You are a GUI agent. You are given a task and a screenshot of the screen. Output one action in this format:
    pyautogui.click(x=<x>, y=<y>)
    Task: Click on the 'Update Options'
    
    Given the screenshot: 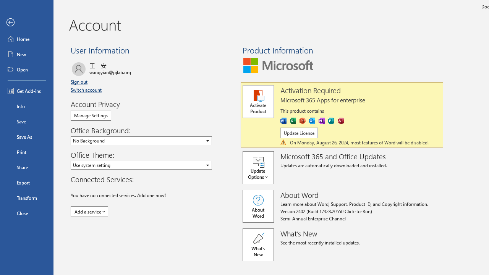 What is the action you would take?
    pyautogui.click(x=261, y=167)
    